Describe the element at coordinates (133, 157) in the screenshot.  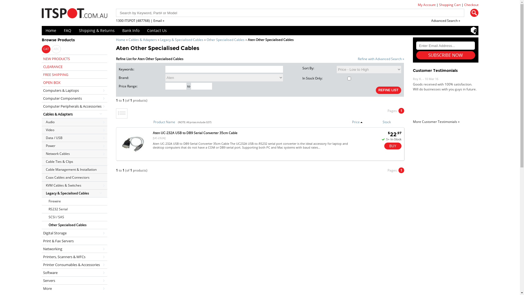
I see `'Aten UC-232A USB to DB9 Serial | ITSpot Computer Components'` at that location.